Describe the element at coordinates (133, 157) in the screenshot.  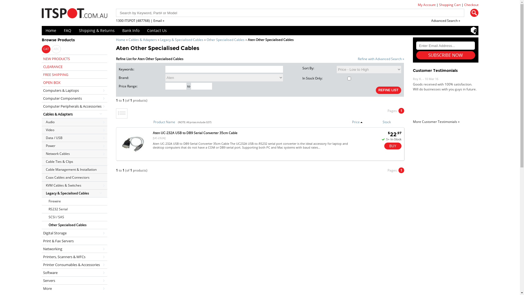
I see `'Aten UC-232A USB to DB9 Serial | ITSpot Computer Components'` at that location.